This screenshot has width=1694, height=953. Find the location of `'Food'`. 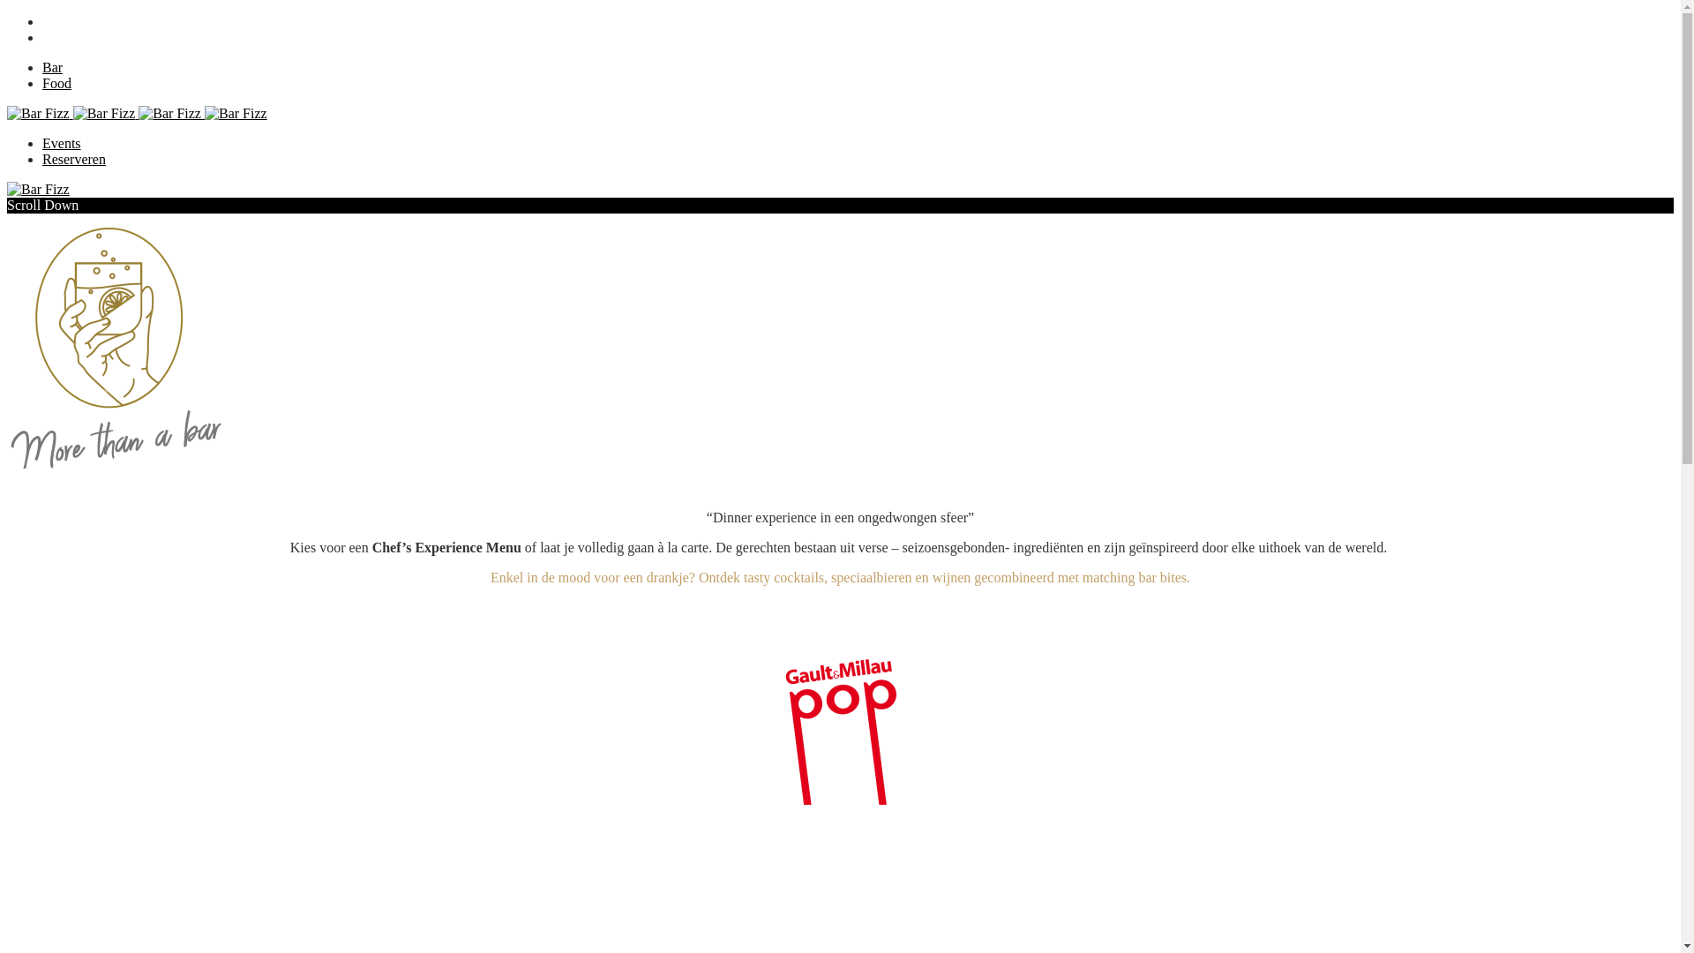

'Food' is located at coordinates (42, 83).